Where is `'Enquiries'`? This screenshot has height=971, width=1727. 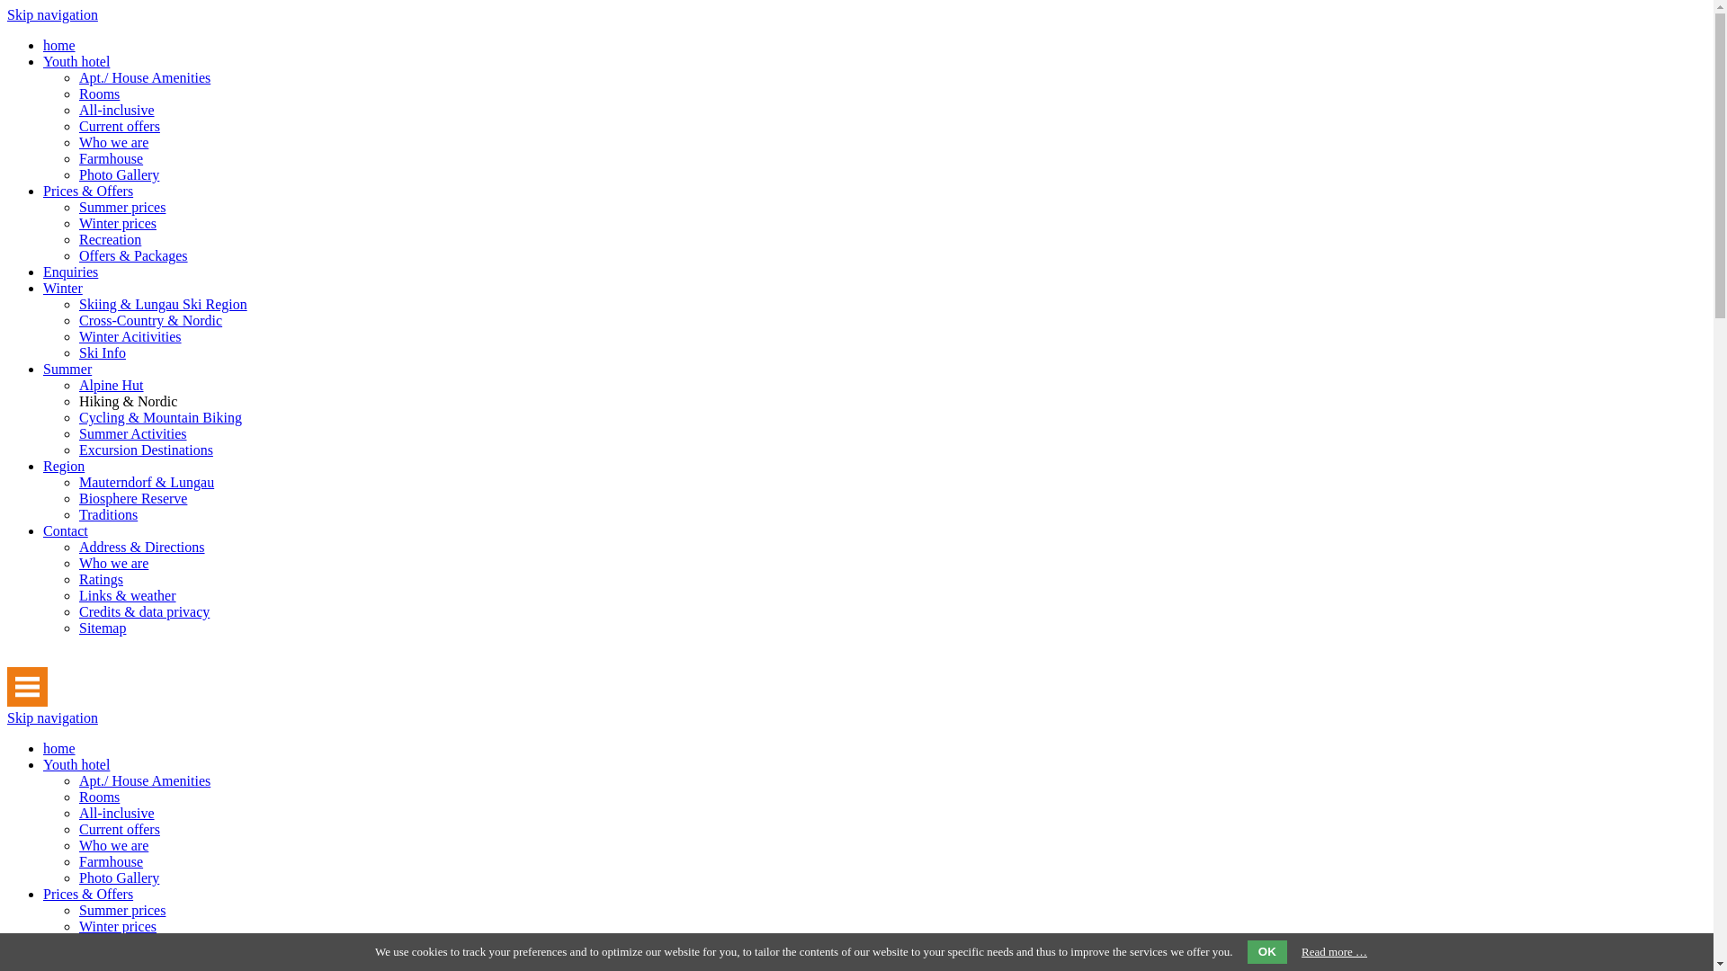
'Enquiries' is located at coordinates (70, 272).